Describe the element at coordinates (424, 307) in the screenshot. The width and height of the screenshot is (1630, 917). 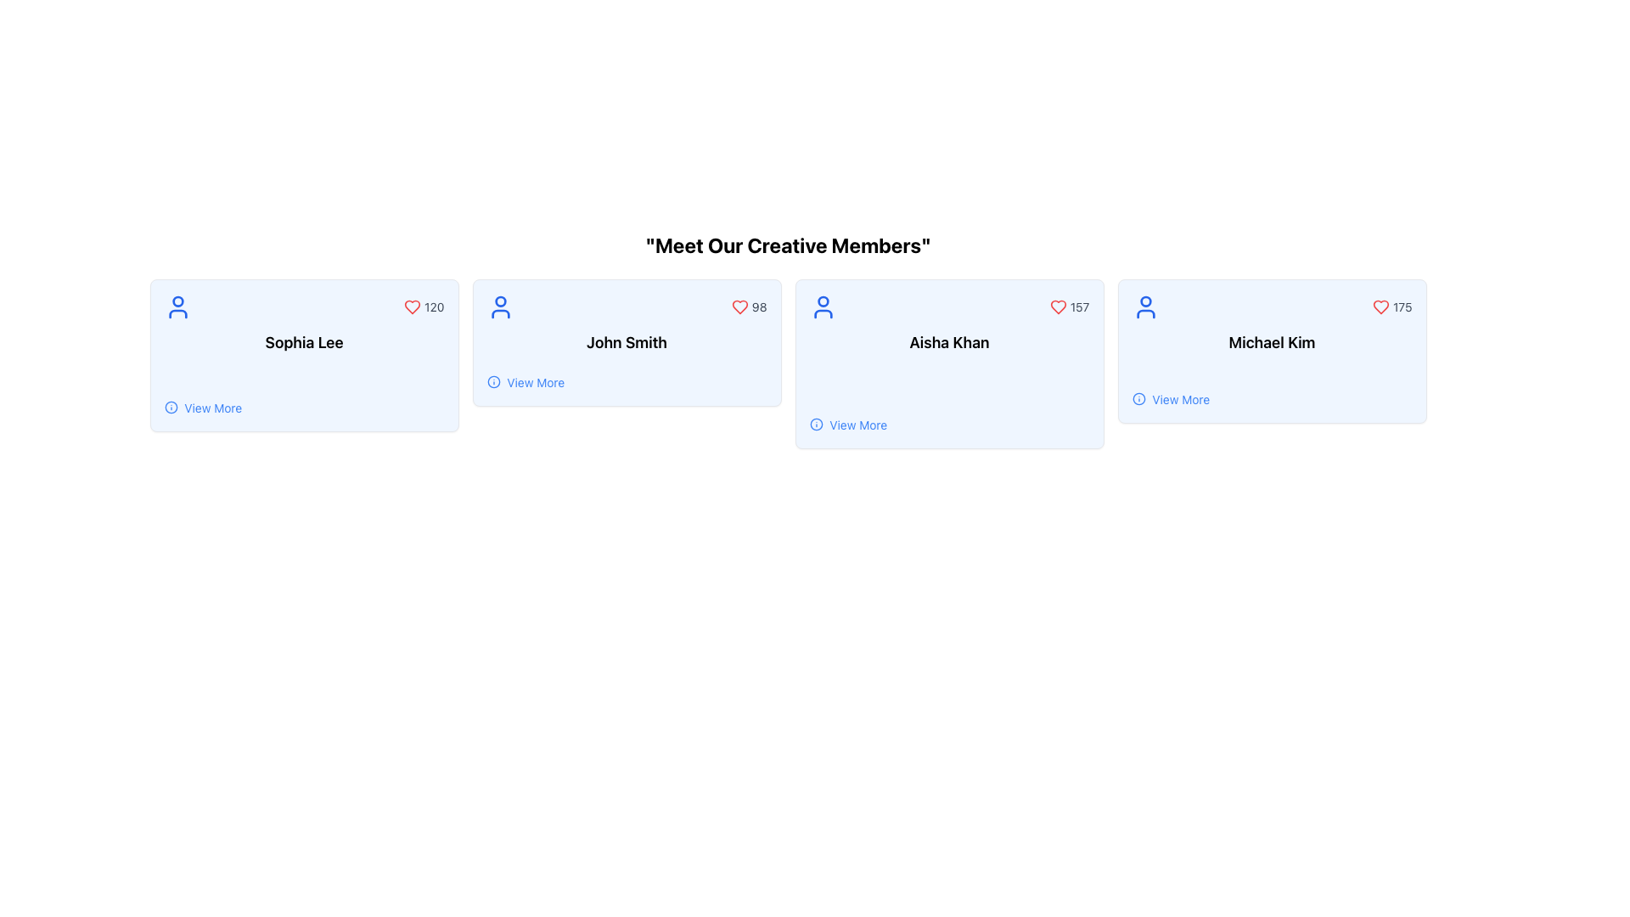
I see `likes count displayed next to the heart icon in the top-right corner of the card for 'Sophia Lee'` at that location.